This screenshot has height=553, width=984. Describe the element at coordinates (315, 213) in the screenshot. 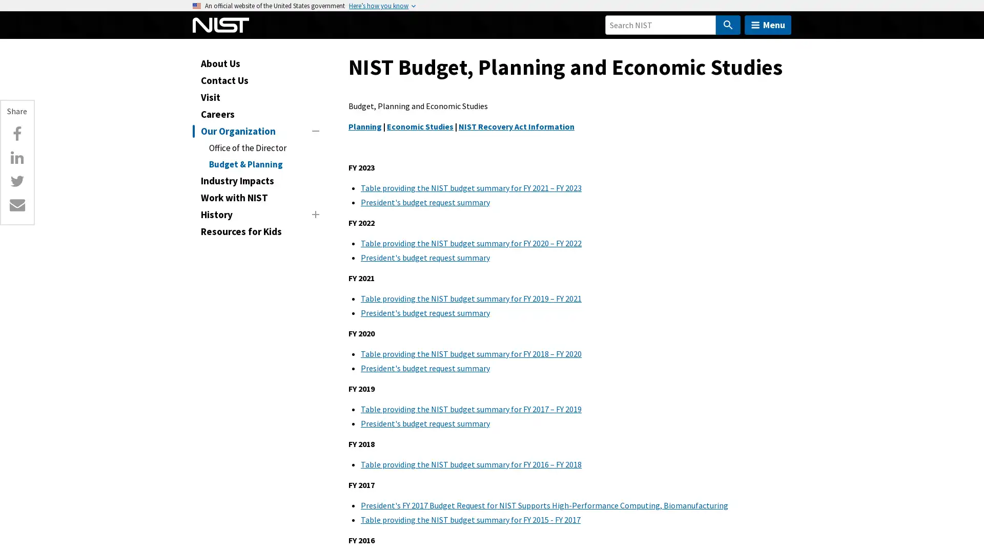

I see `Expand or Collapse` at that location.